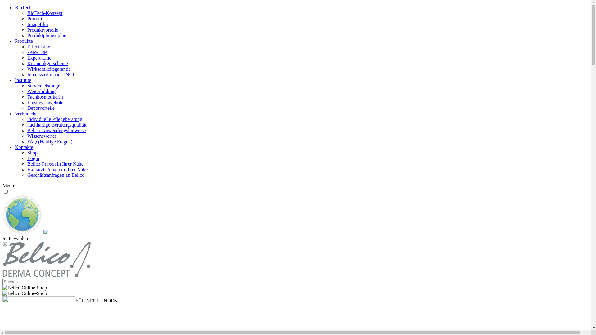 The width and height of the screenshot is (596, 335). What do you see at coordinates (37, 52) in the screenshot?
I see `'Zero-Line'` at bounding box center [37, 52].